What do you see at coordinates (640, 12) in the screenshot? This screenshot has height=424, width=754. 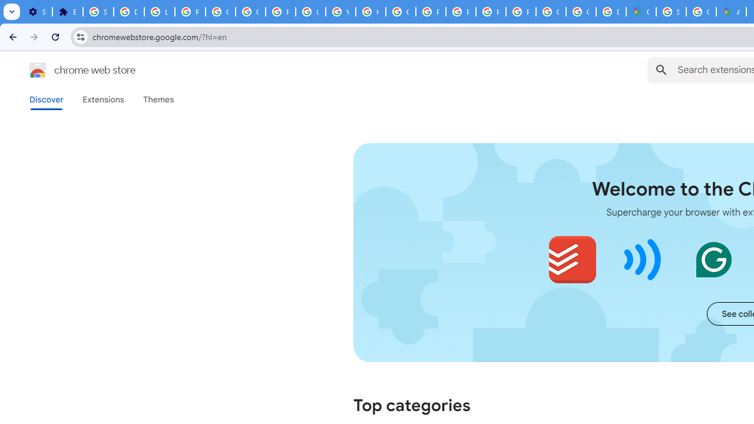 I see `'Google Maps'` at bounding box center [640, 12].